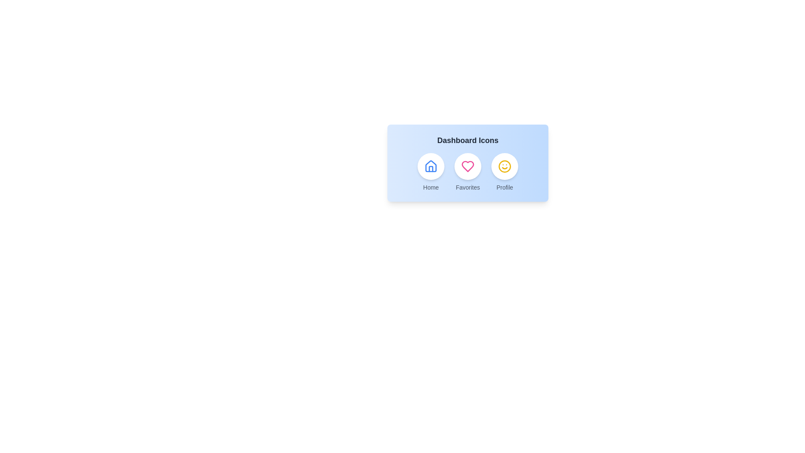 Image resolution: width=805 pixels, height=453 pixels. I want to click on the circular button with a white background and a pink heart outline located under the 'Favorites' label, so click(467, 167).